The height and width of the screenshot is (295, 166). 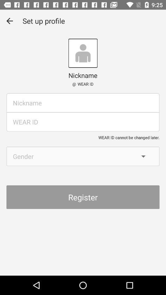 I want to click on typing box, so click(x=83, y=103).